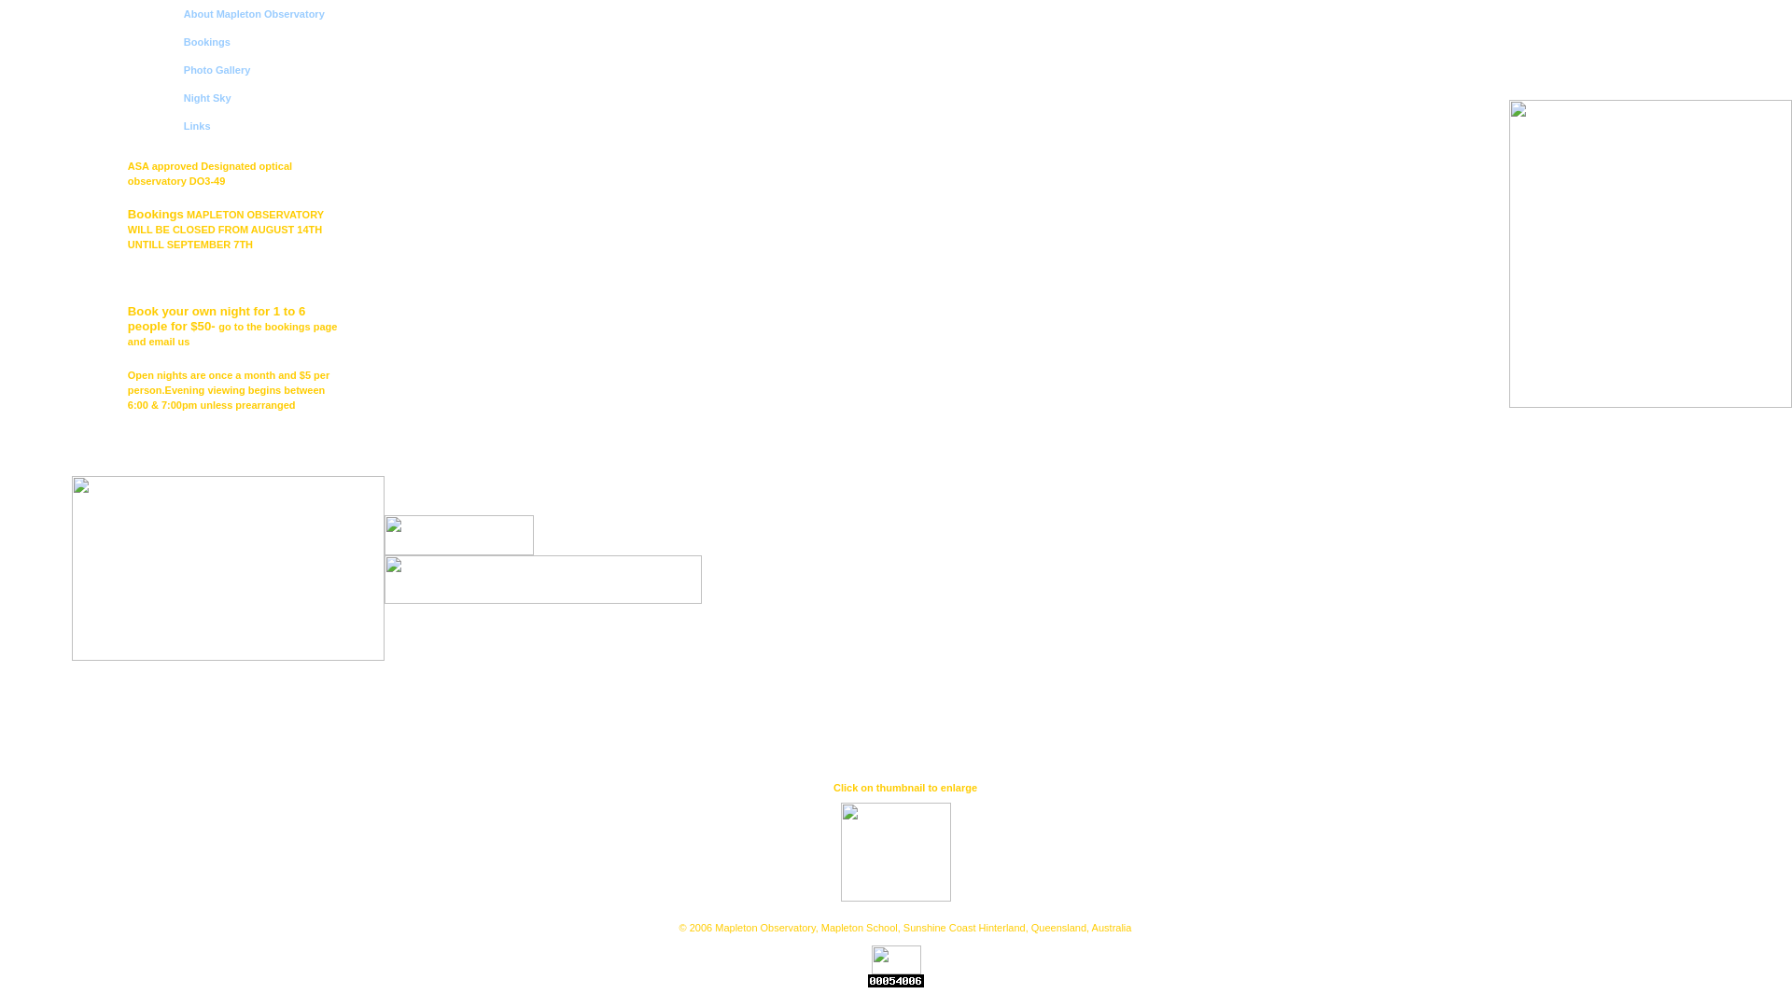  I want to click on 'Photo Gallery', so click(217, 68).